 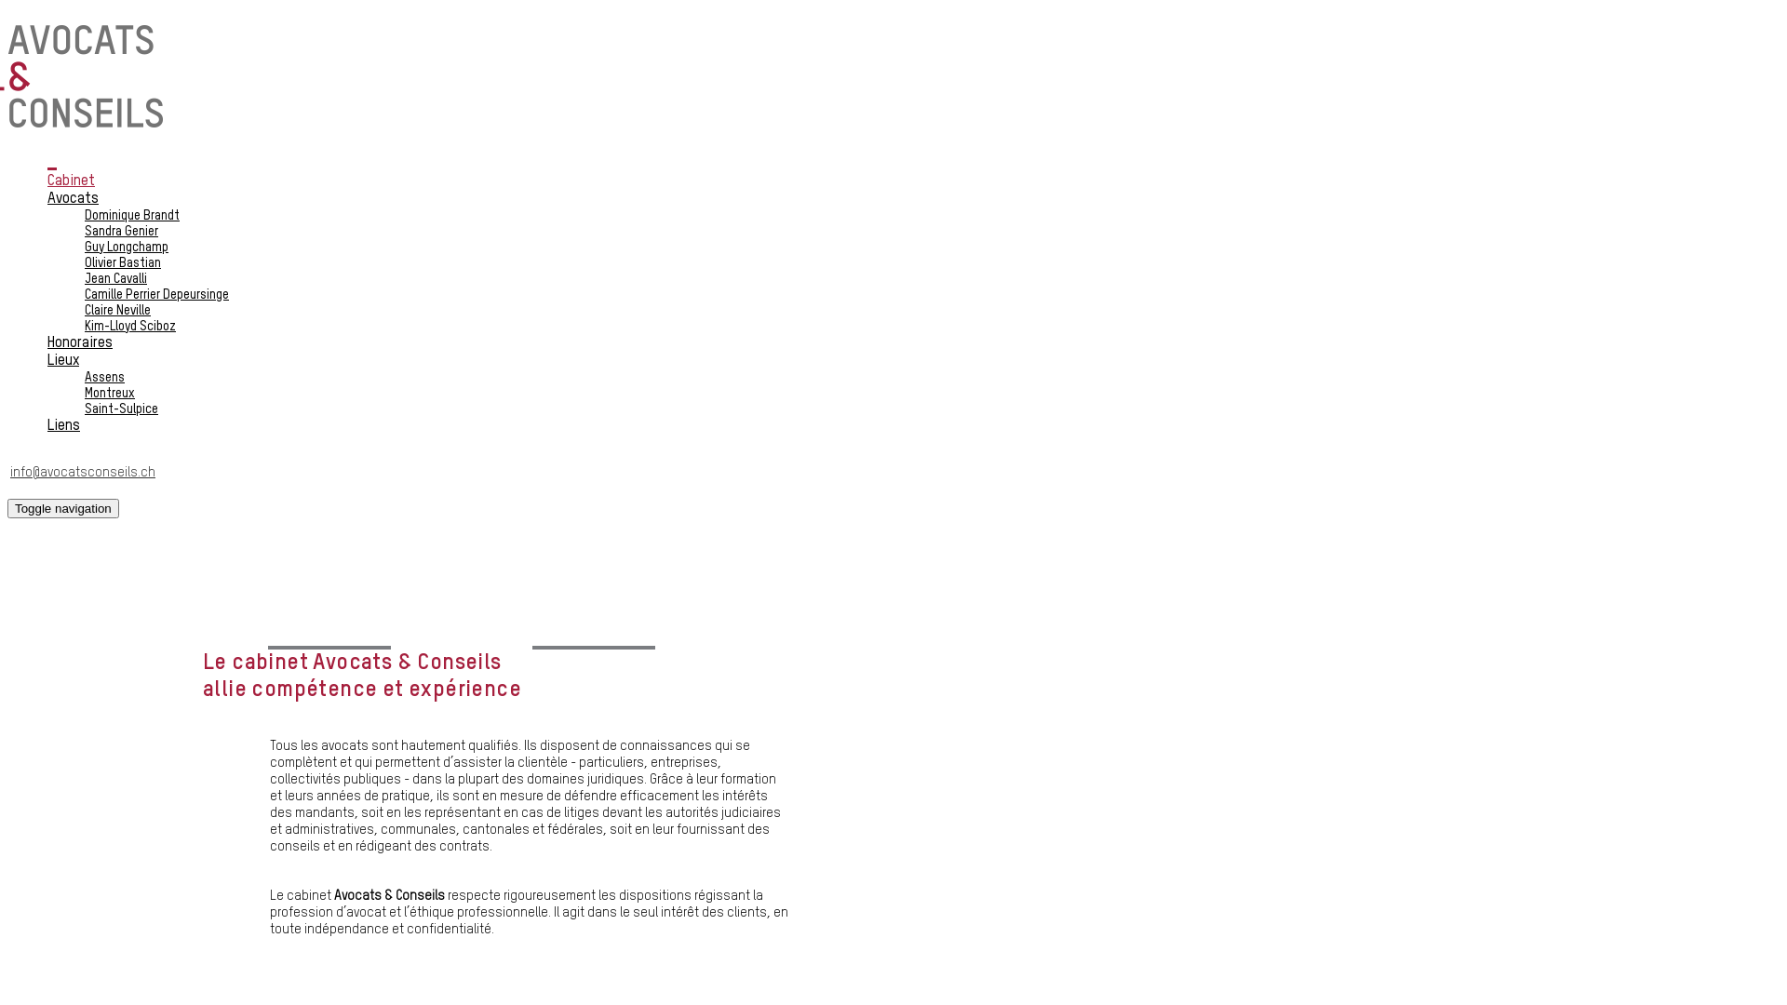 What do you see at coordinates (79, 343) in the screenshot?
I see `'Honoraires'` at bounding box center [79, 343].